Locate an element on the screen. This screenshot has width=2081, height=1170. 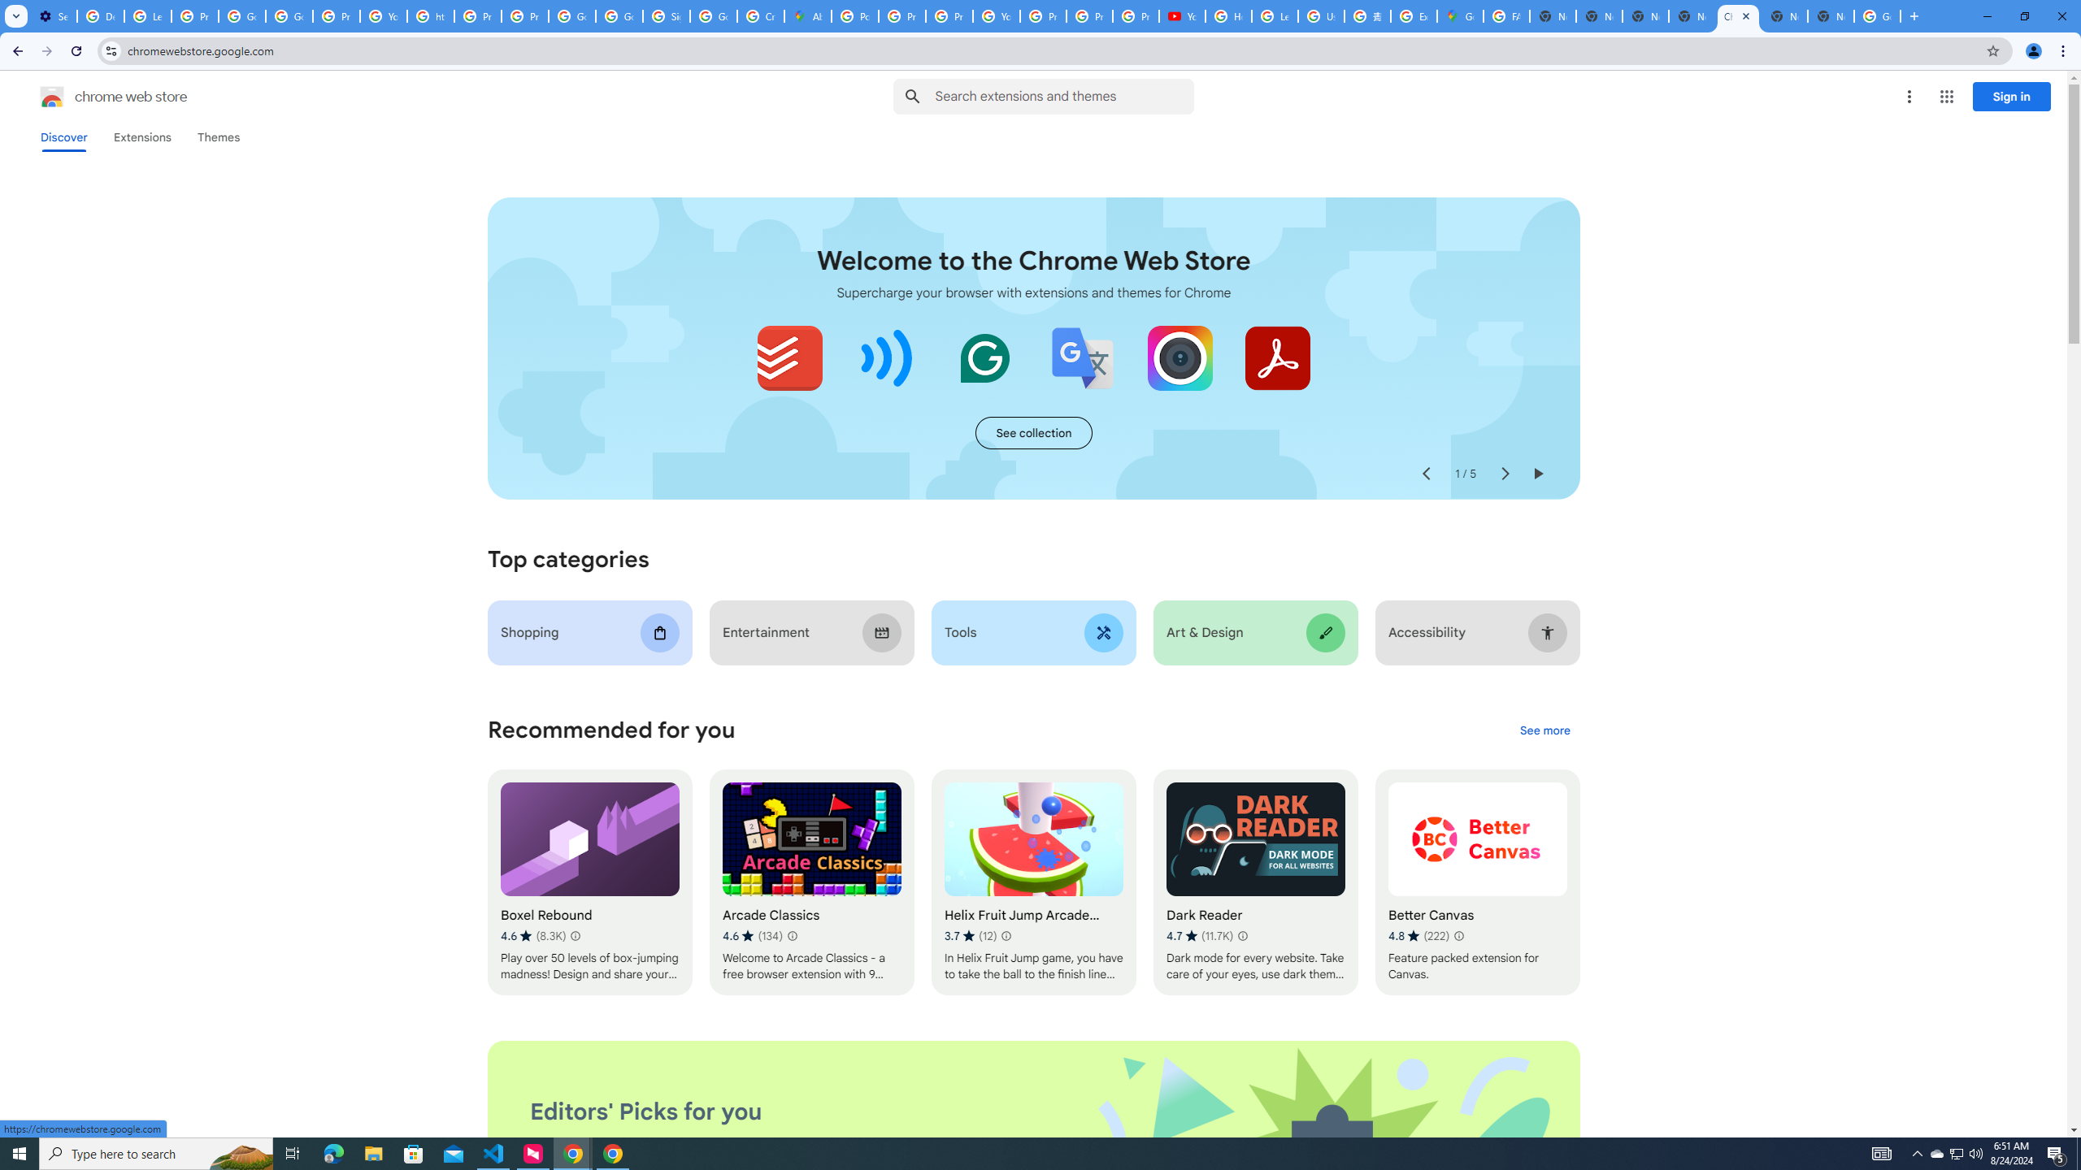
'Tools' is located at coordinates (1033, 632).